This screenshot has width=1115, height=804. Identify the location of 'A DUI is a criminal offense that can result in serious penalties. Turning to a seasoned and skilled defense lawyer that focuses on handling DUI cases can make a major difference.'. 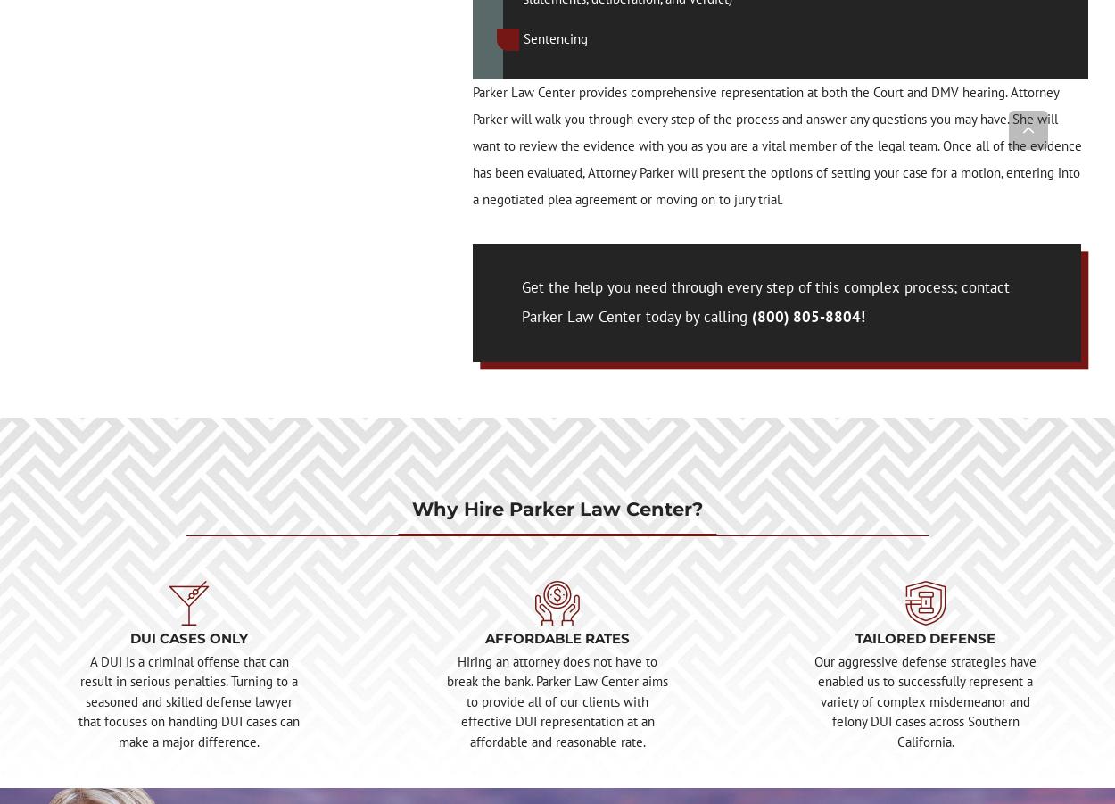
(188, 700).